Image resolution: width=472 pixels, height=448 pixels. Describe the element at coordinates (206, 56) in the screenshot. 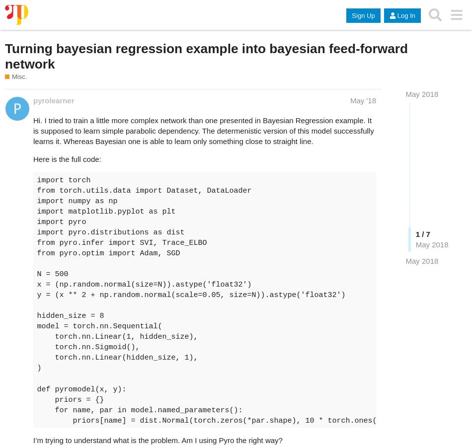

I see `'Turning bayesian regression example into bayesian feed-forward network'` at that location.